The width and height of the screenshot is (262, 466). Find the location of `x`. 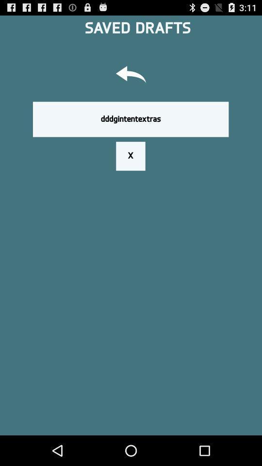

x is located at coordinates (131, 156).